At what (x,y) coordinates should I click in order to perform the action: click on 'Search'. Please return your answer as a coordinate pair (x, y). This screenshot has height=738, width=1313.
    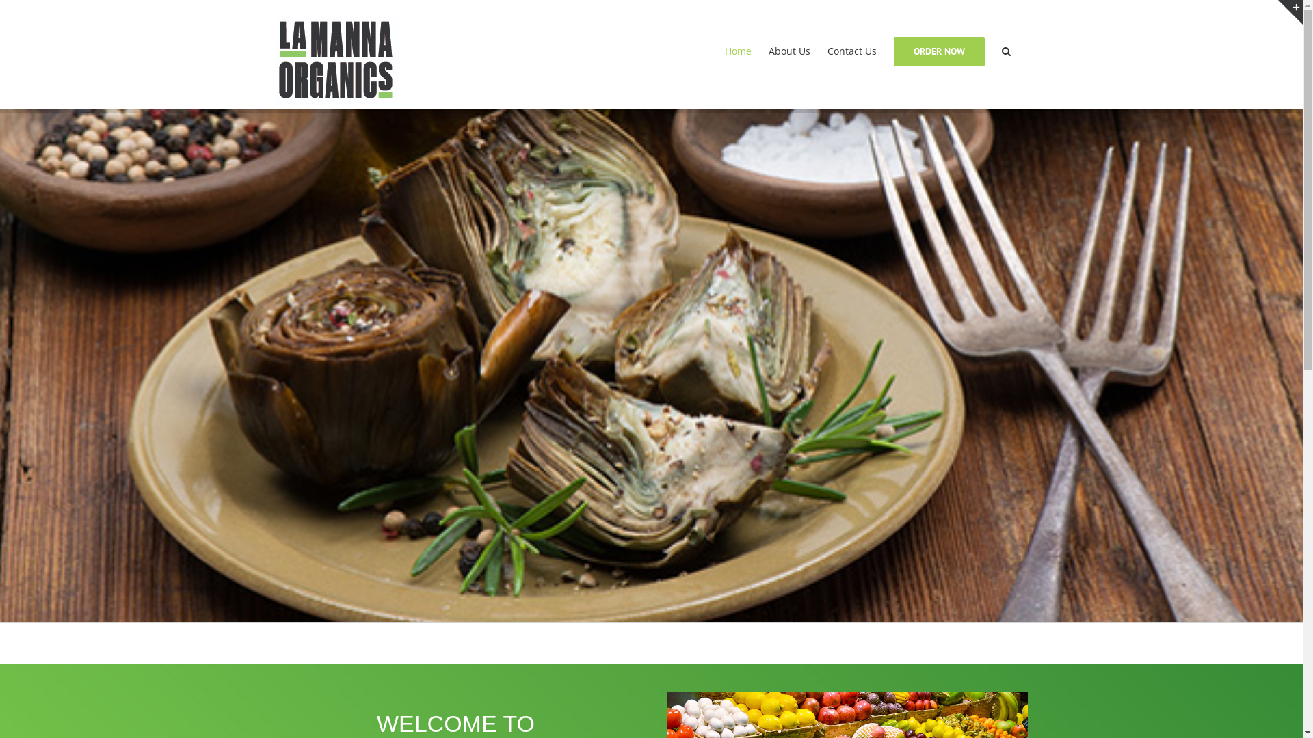
    Looking at the image, I should click on (1005, 50).